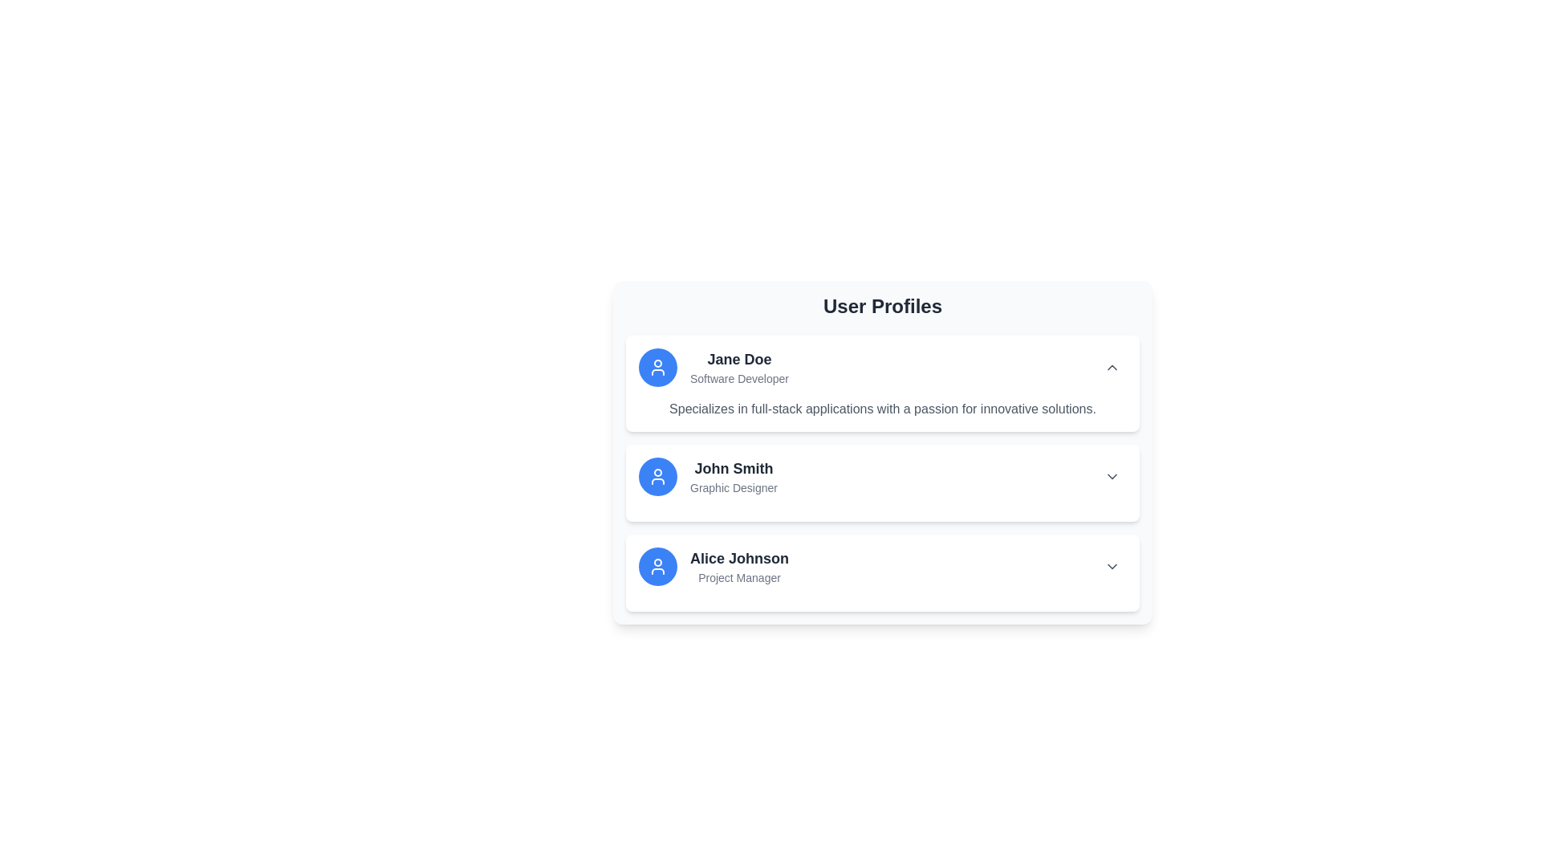  Describe the element at coordinates (733, 468) in the screenshot. I see `the name header text identifying the user profile as 'John Smith' for reading` at that location.